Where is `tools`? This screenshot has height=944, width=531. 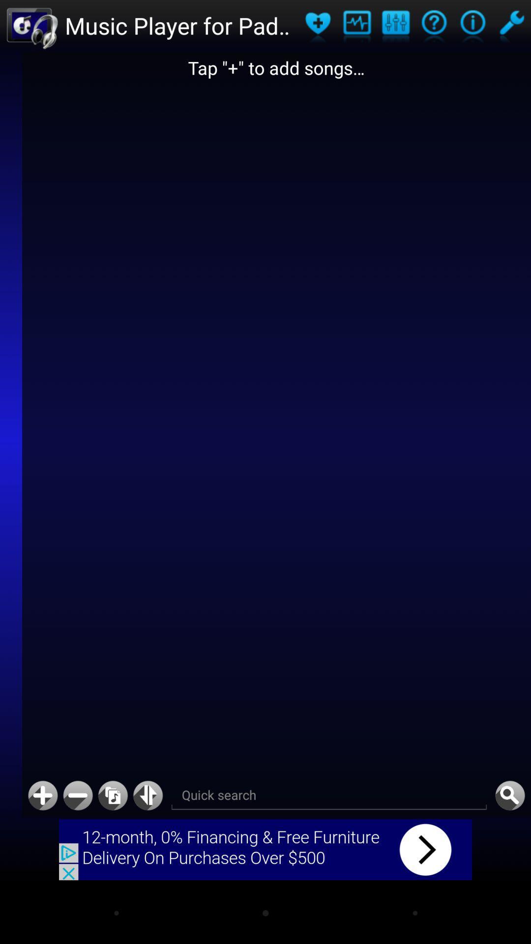
tools is located at coordinates (511, 26).